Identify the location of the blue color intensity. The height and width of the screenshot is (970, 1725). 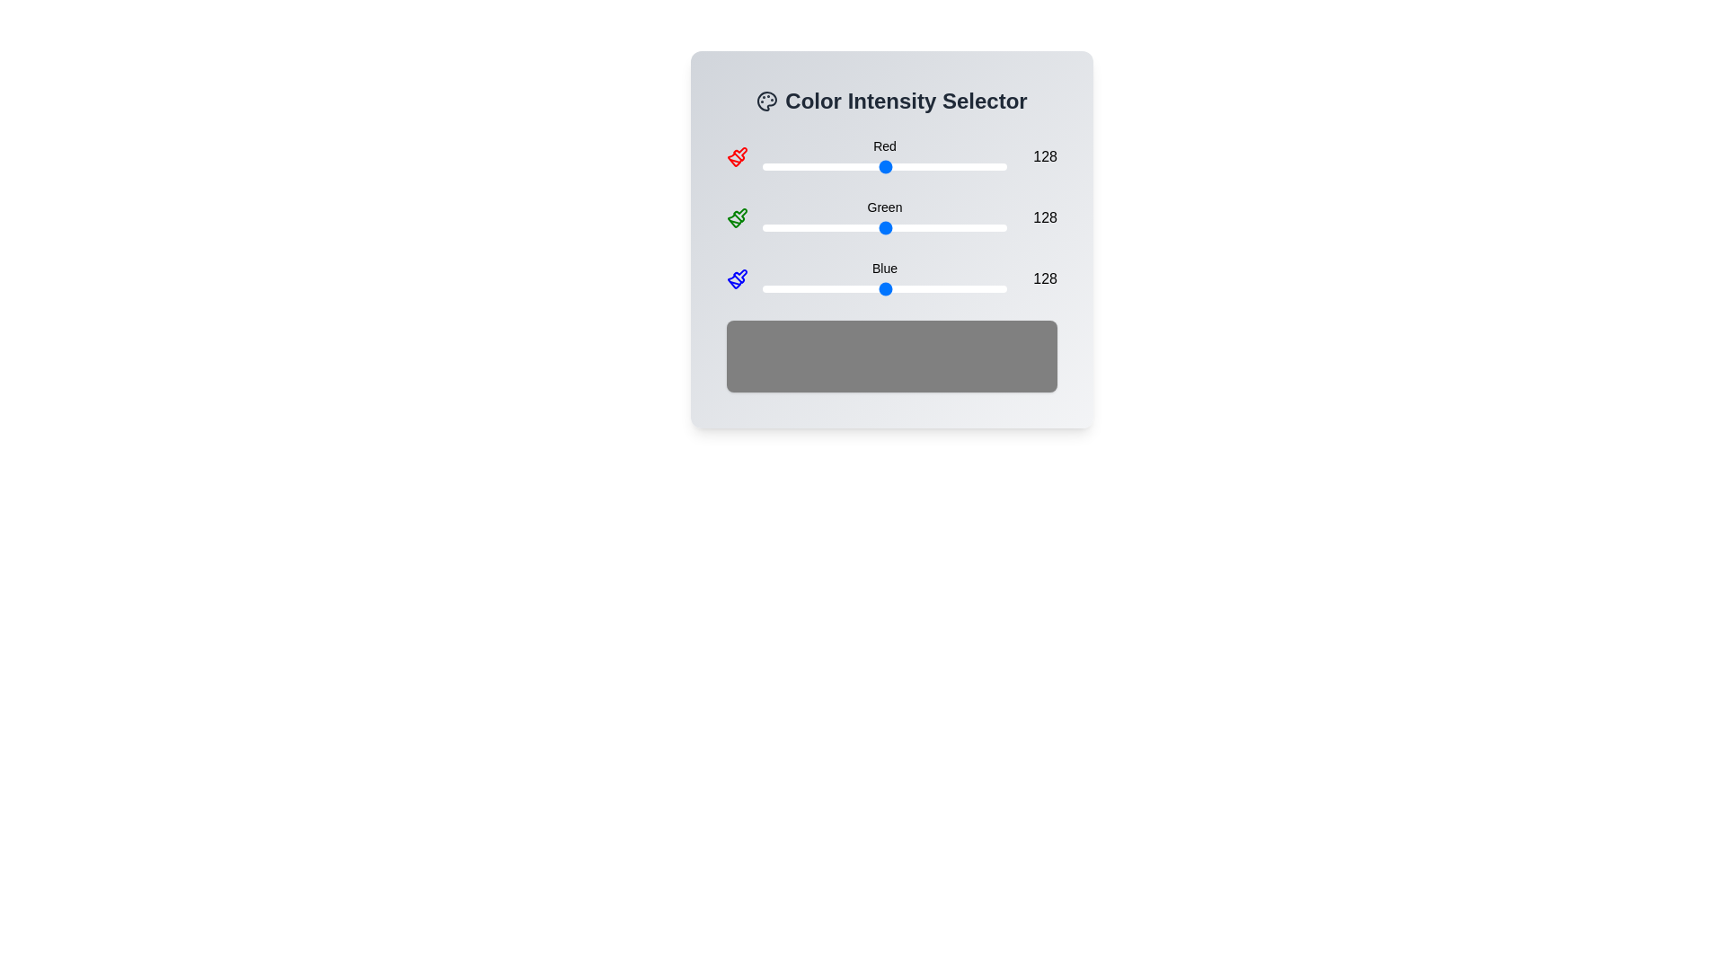
(810, 287).